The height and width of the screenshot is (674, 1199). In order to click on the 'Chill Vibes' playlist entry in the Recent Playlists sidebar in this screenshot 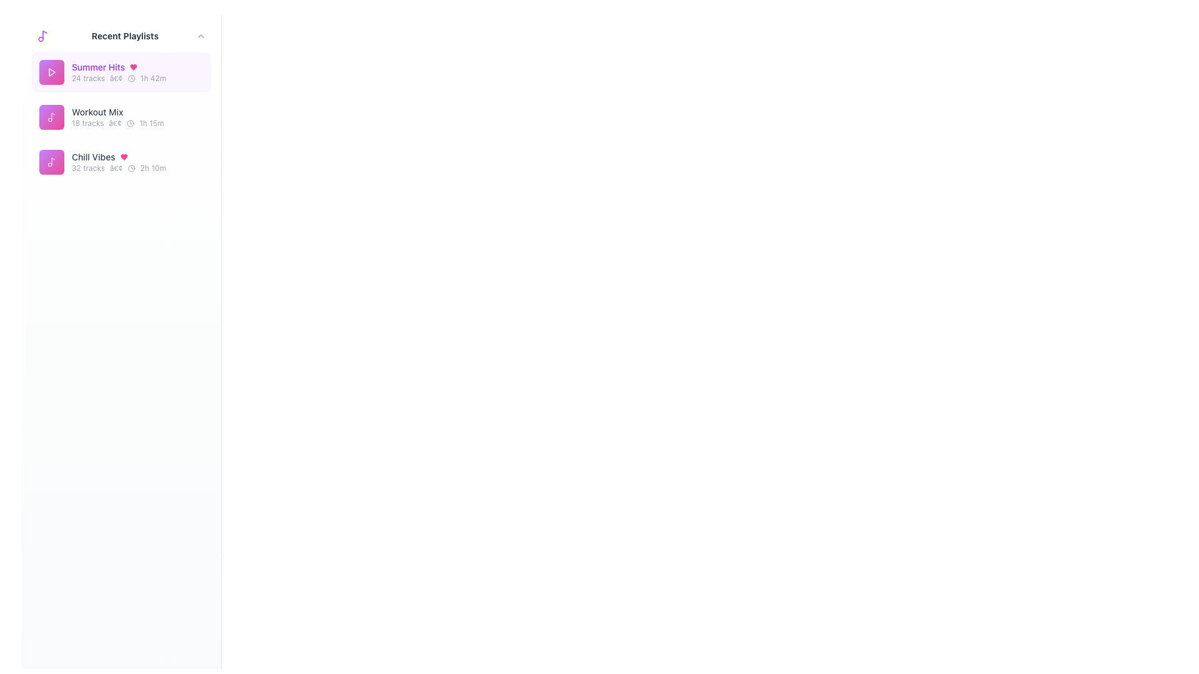, I will do `click(137, 161)`.